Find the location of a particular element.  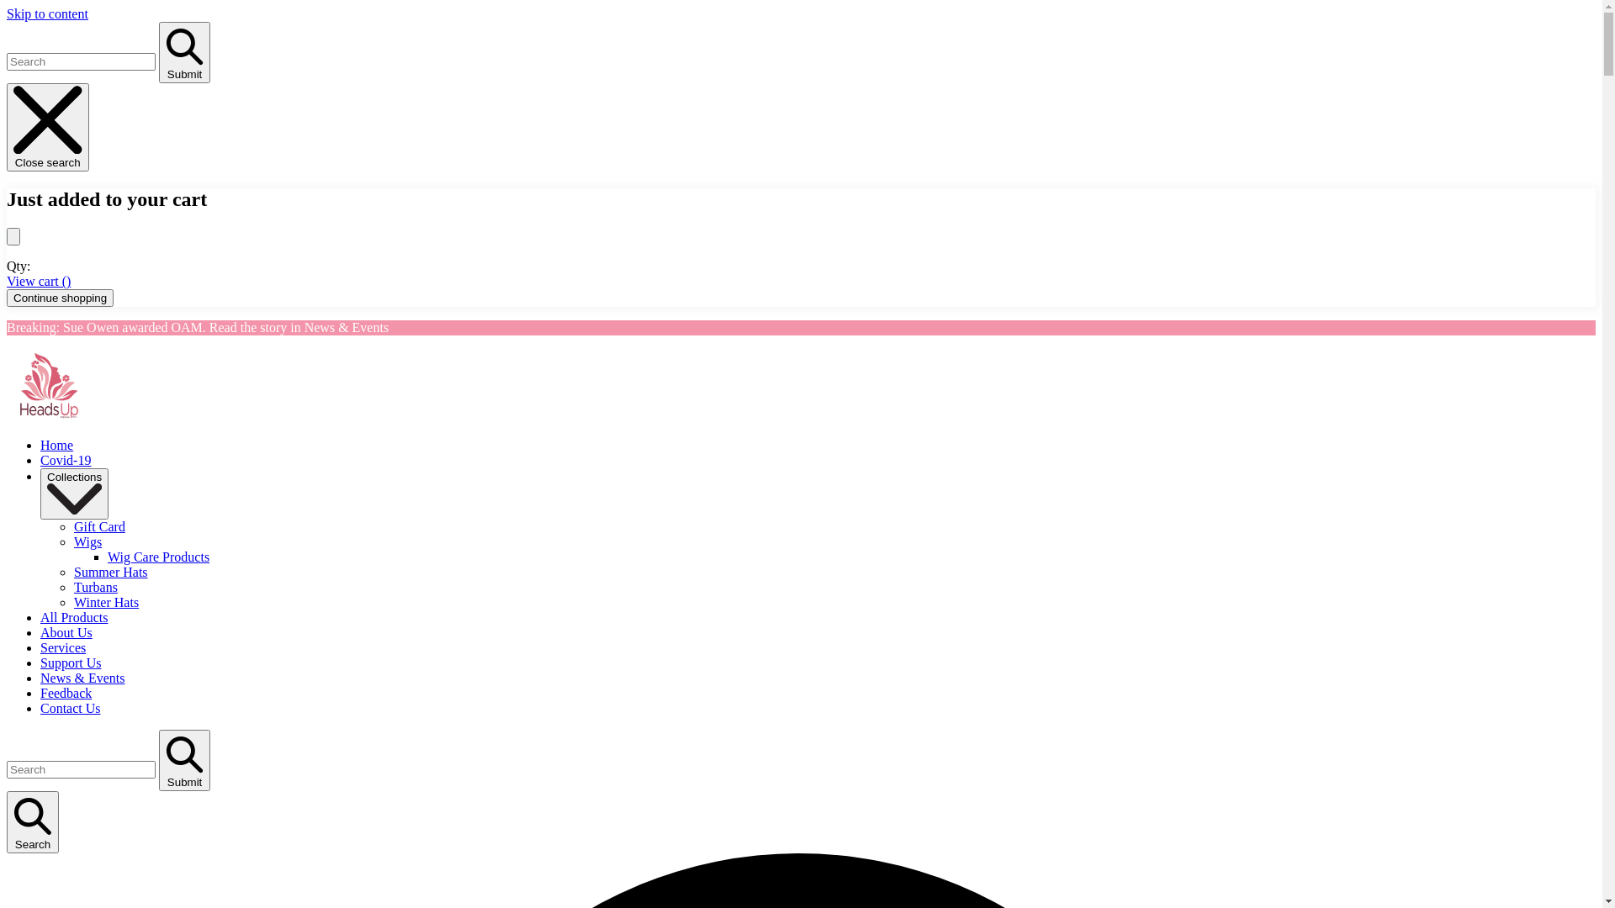

'Wigs' is located at coordinates (87, 541).